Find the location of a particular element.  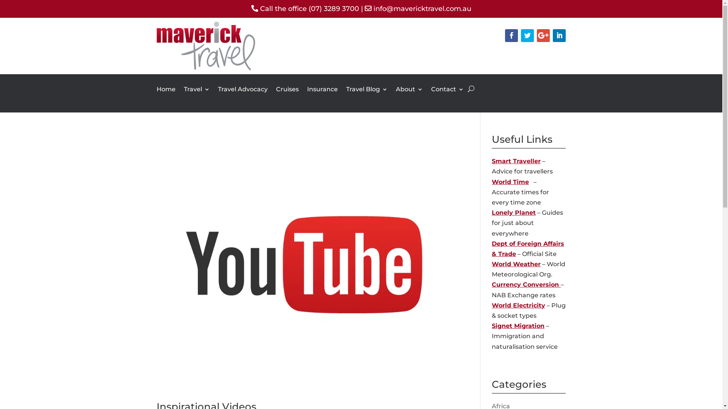

'Follow on Facebook' is located at coordinates (511, 35).